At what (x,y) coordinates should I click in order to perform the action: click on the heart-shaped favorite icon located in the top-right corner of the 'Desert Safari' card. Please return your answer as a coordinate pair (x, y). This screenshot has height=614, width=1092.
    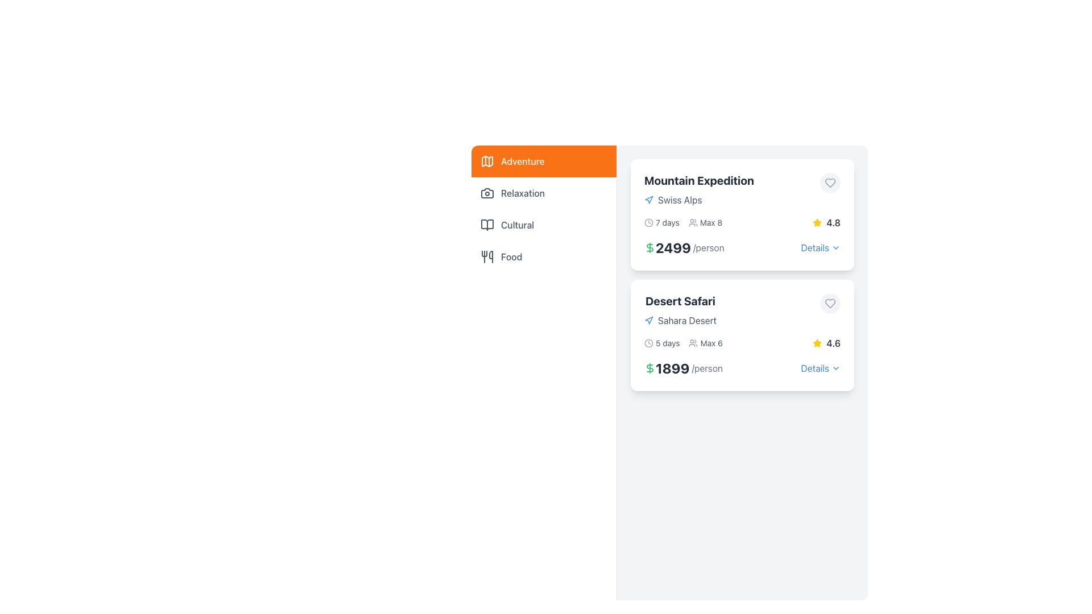
    Looking at the image, I should click on (830, 302).